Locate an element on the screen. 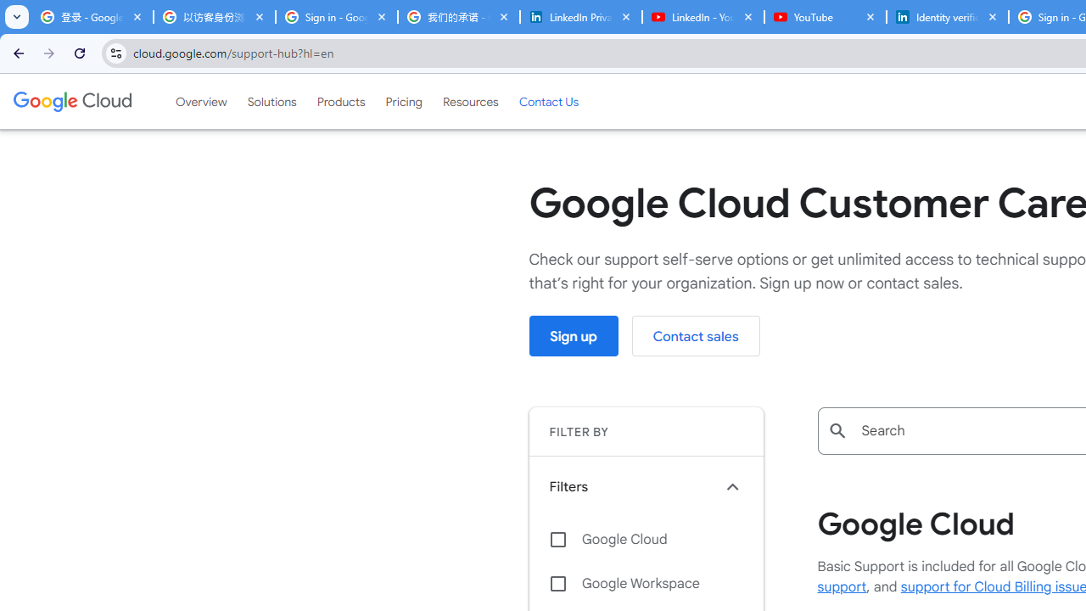 This screenshot has height=611, width=1086. 'Pricing' is located at coordinates (403, 101).